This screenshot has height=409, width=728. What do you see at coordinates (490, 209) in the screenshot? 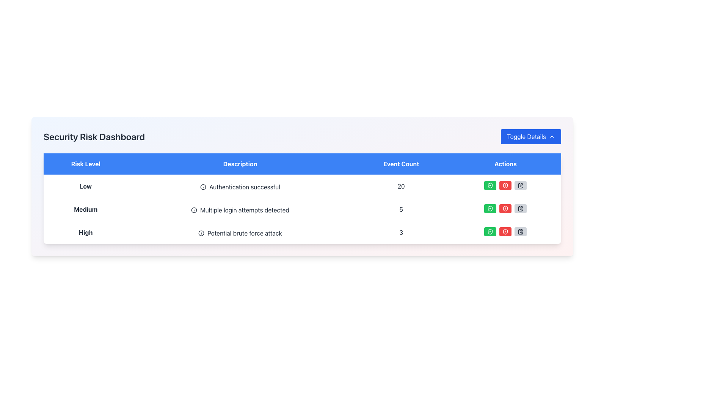
I see `the confirmation icon in the 'Actions' column of the last row (High risk level)` at bounding box center [490, 209].